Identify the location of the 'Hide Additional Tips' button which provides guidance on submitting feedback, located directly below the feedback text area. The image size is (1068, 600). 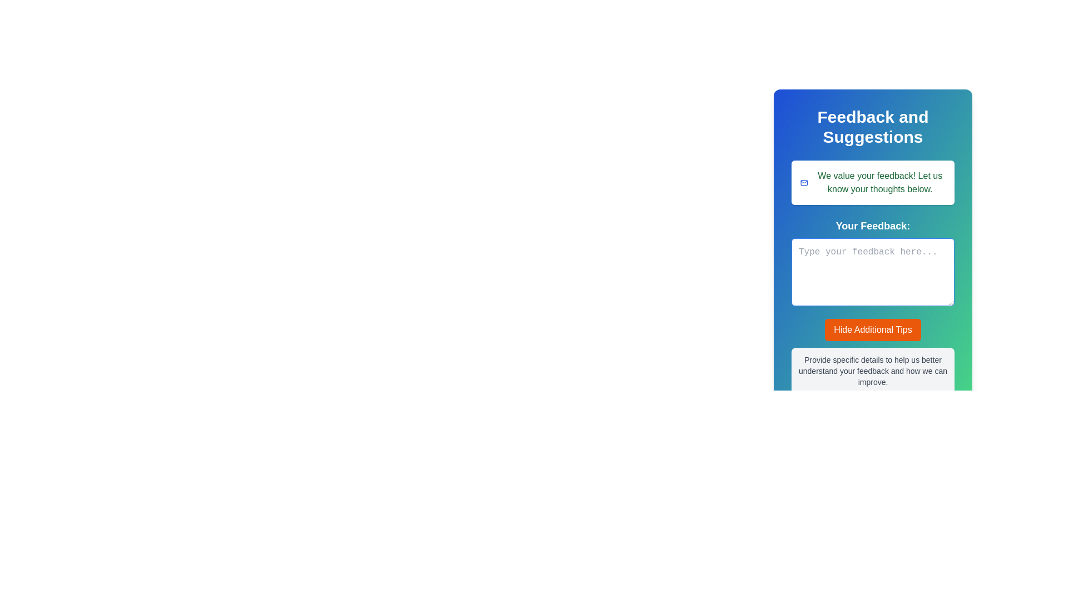
(872, 324).